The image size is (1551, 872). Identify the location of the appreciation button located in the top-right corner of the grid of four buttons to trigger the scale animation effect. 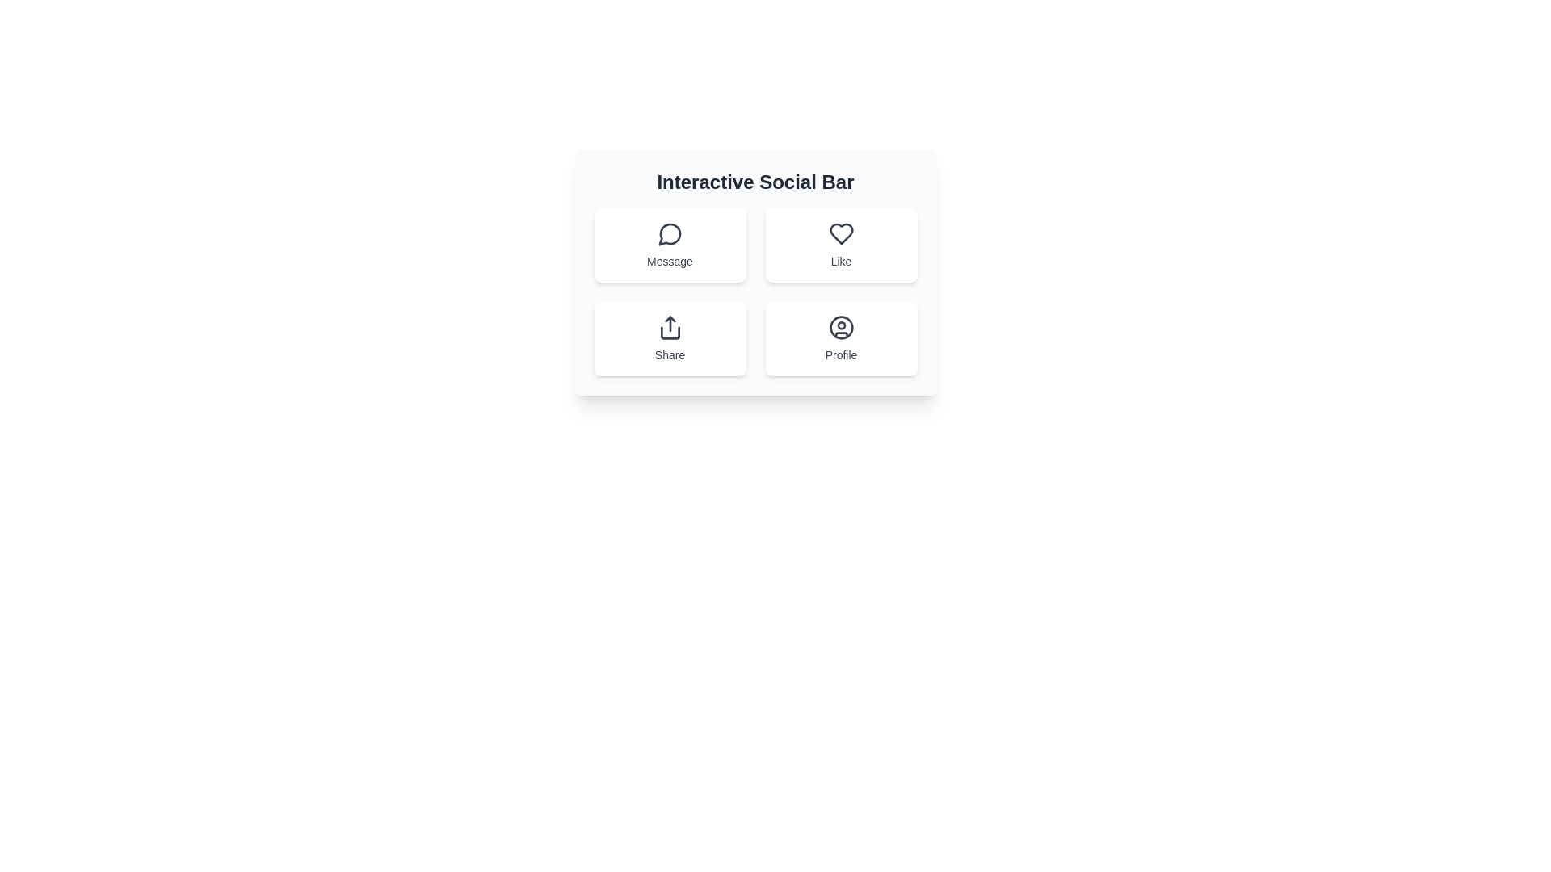
(840, 245).